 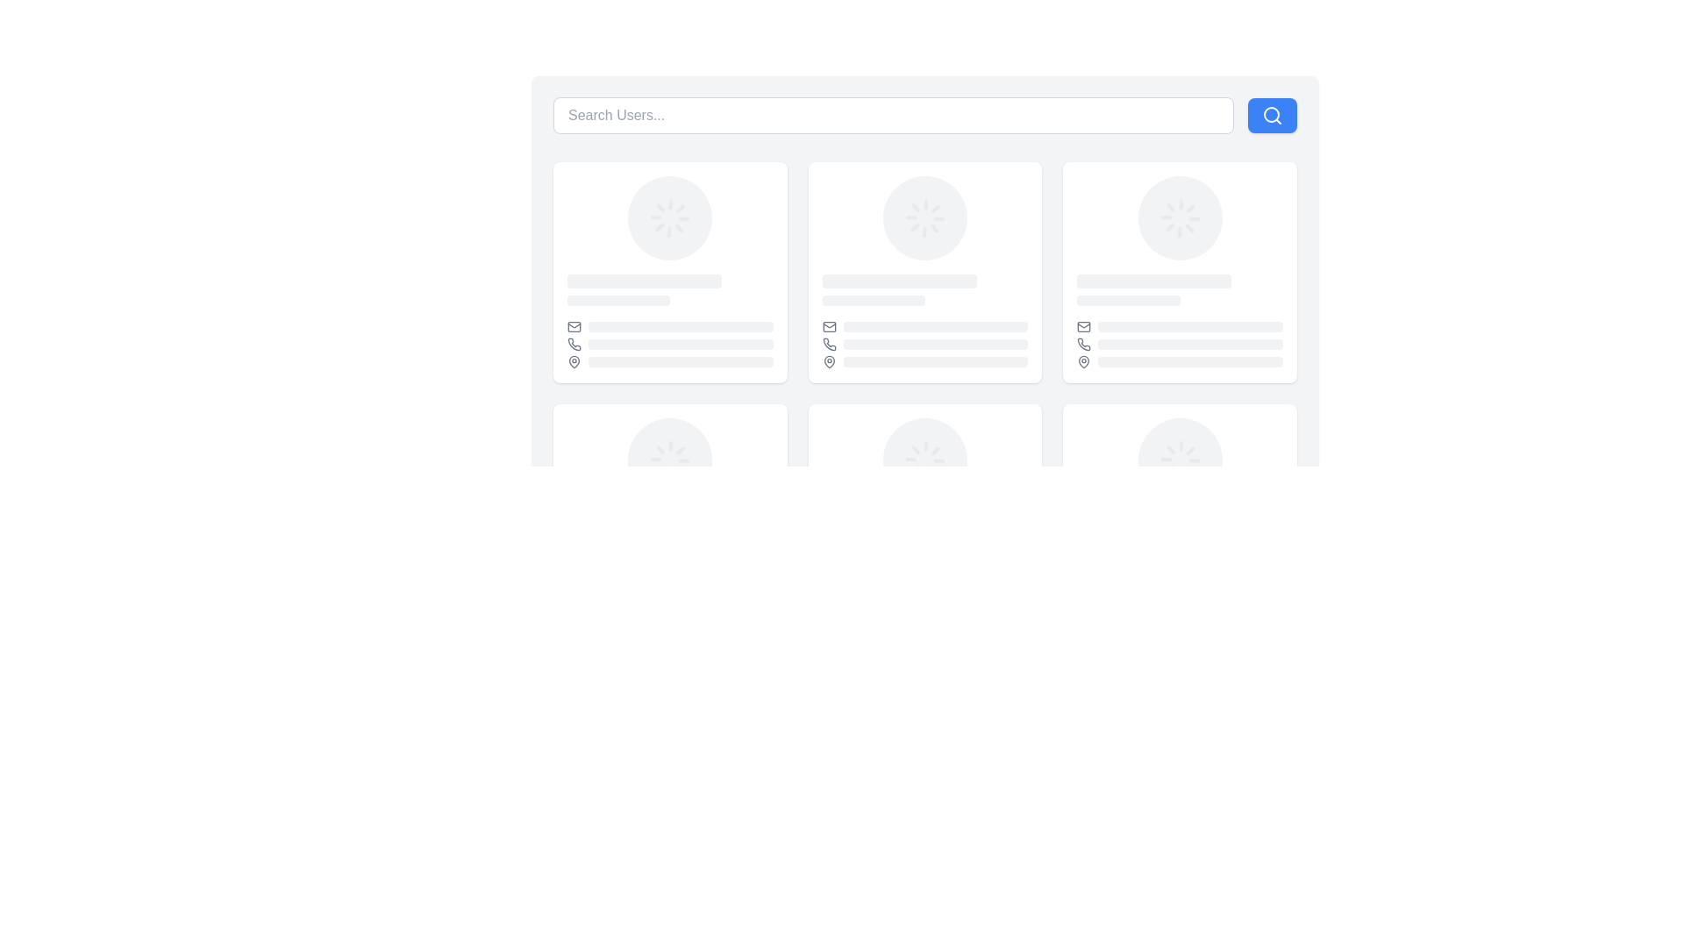 I want to click on the Skeleton loader element, which is a horizontally-aligned rectangular component with a pale gray background, located in the content region below the circular placeholder image in the first card of the second row, so click(x=669, y=289).